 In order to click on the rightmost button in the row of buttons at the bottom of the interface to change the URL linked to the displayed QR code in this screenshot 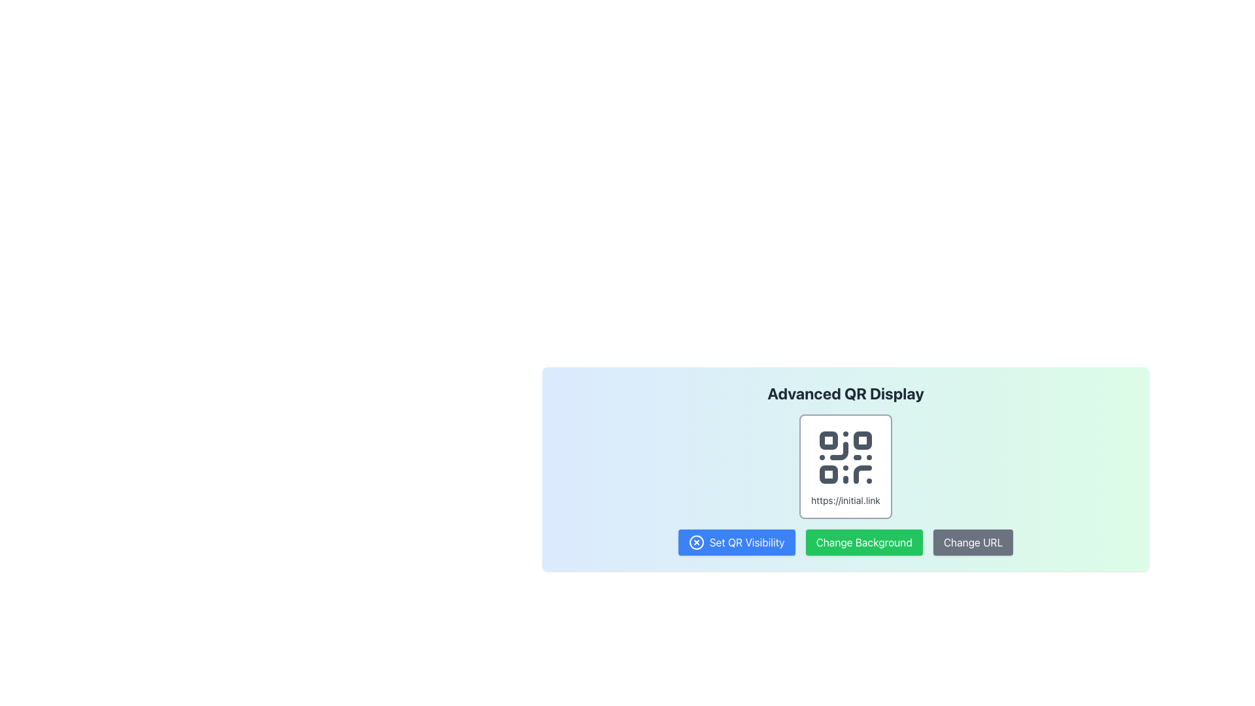, I will do `click(973, 542)`.